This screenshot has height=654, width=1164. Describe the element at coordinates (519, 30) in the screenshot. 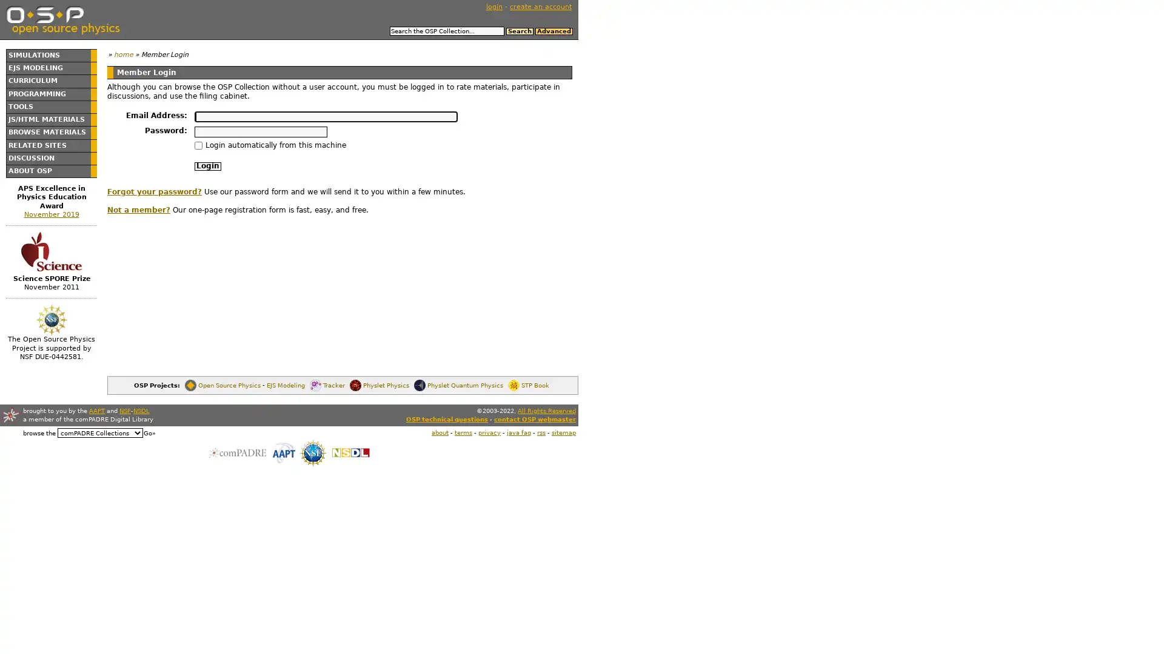

I see `Search` at that location.